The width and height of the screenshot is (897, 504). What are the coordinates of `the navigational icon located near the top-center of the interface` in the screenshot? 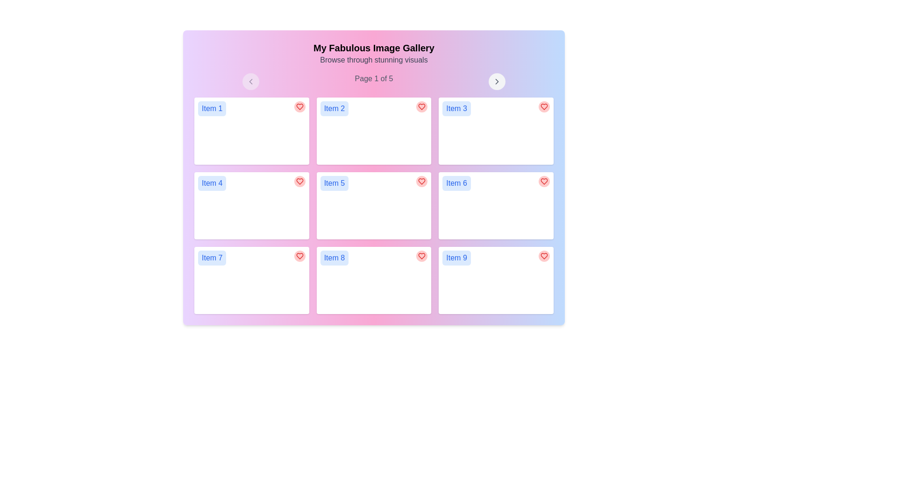 It's located at (250, 81).